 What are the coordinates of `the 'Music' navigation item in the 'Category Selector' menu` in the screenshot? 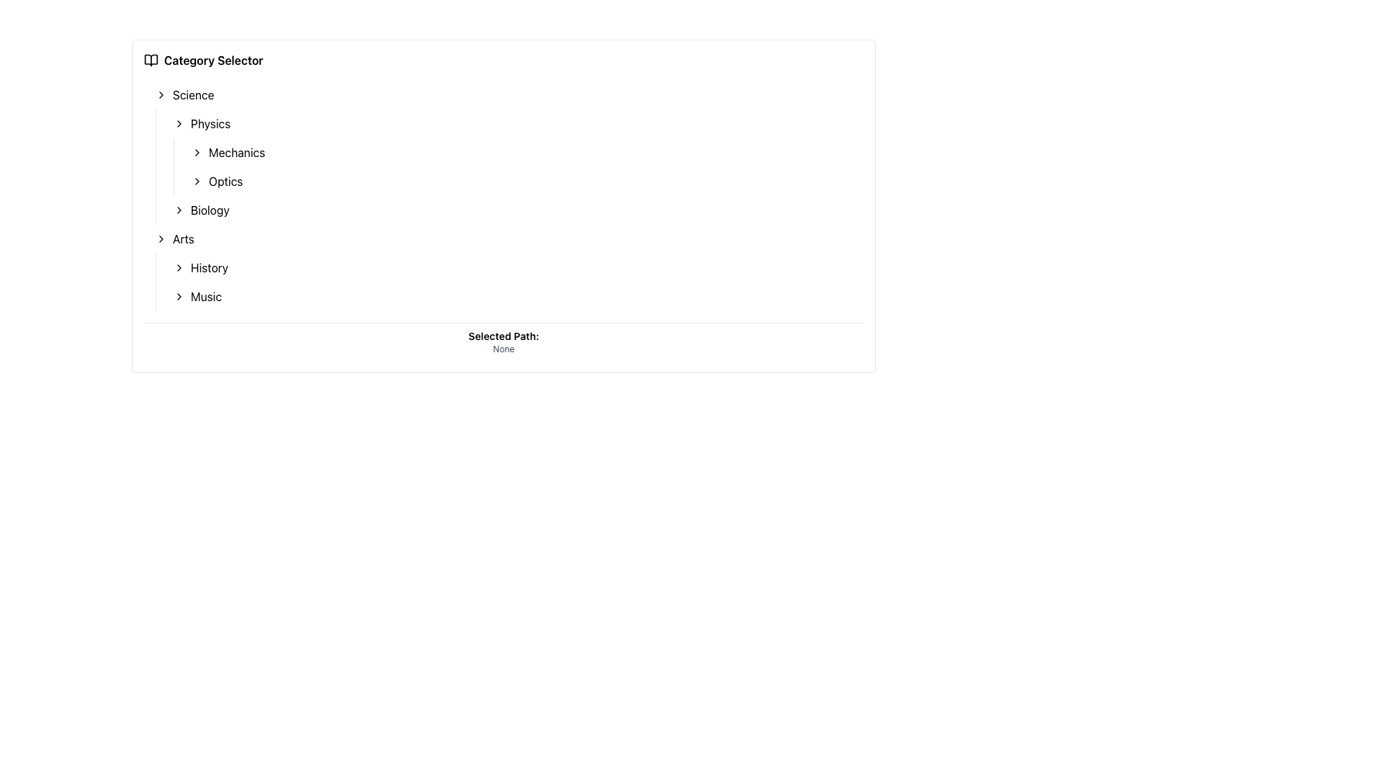 It's located at (205, 296).